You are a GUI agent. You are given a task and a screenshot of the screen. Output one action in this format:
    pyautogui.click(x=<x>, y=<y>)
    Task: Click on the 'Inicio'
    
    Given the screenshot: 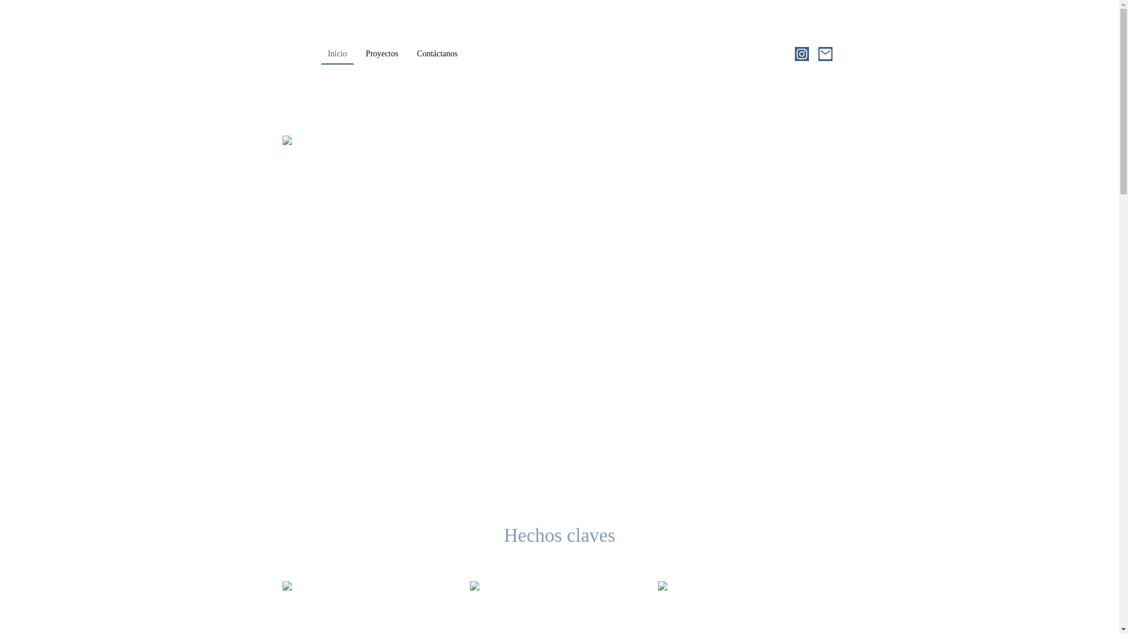 What is the action you would take?
    pyautogui.click(x=337, y=54)
    